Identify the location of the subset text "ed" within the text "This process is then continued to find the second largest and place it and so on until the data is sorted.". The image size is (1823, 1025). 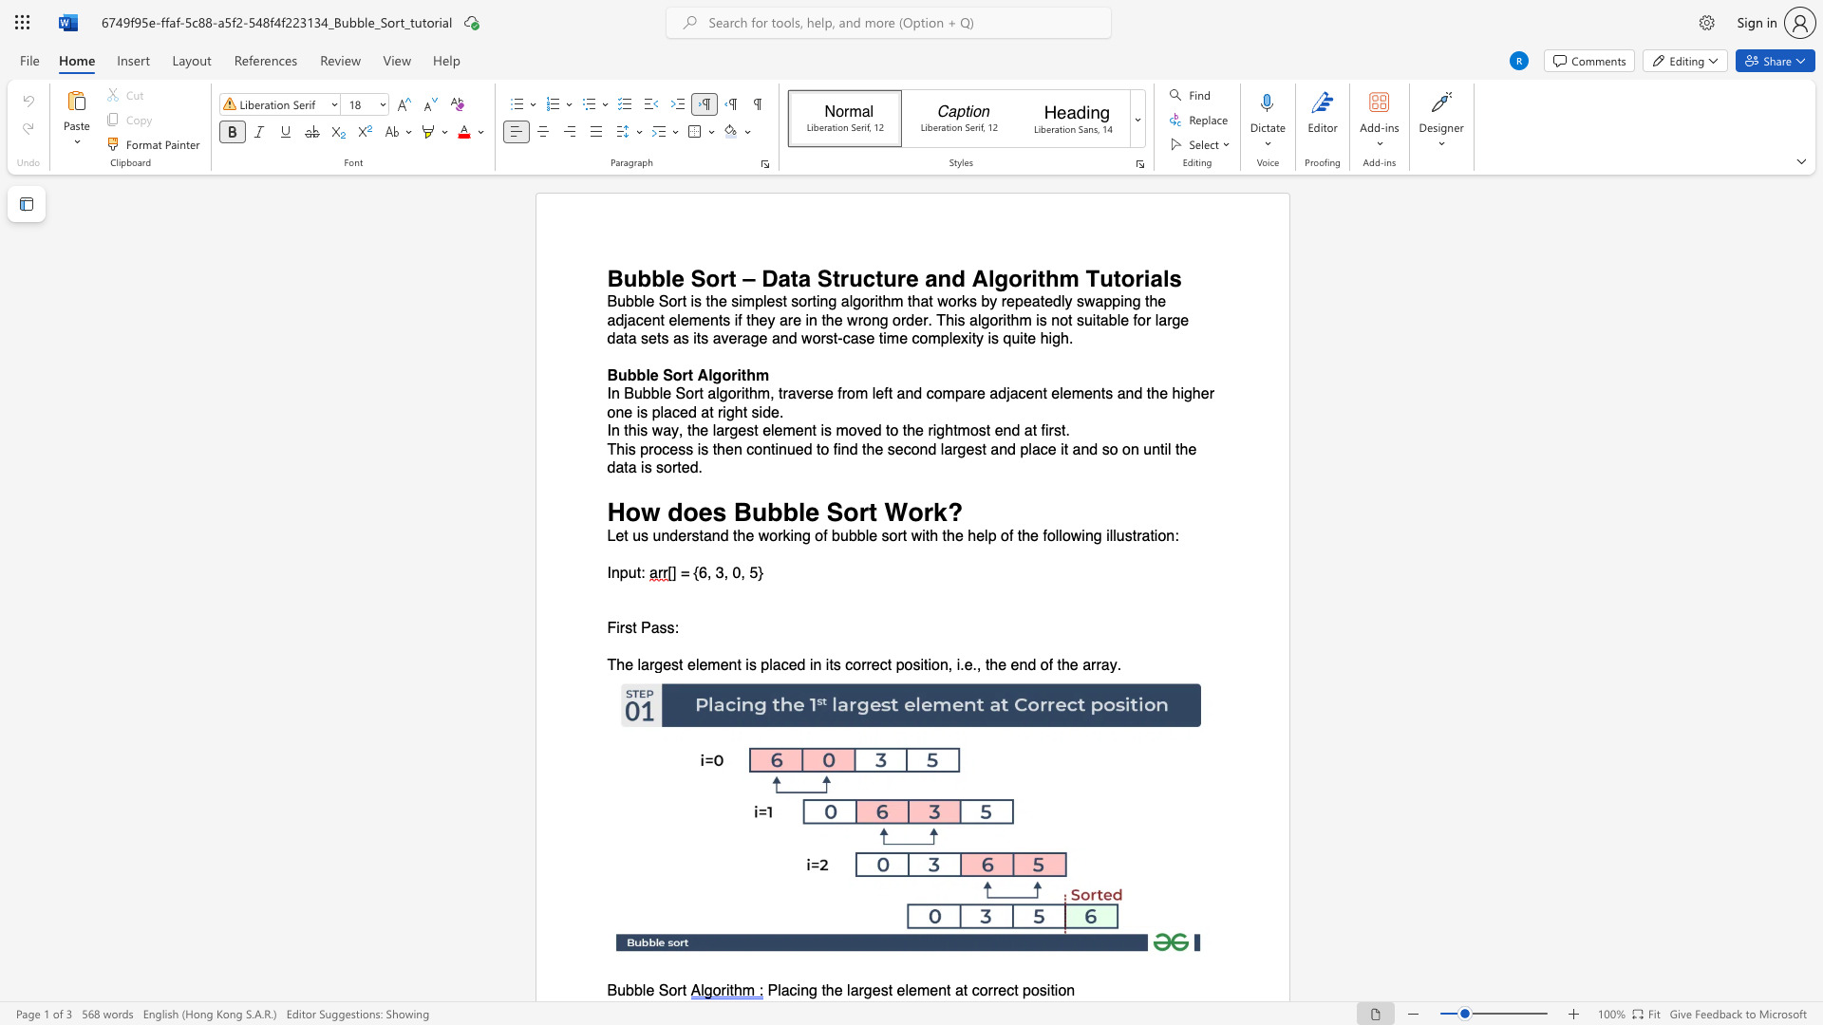
(681, 468).